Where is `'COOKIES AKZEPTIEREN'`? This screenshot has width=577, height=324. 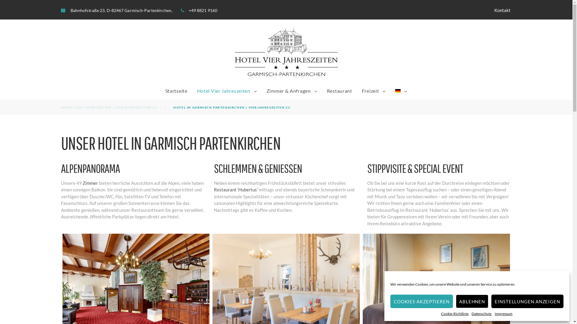 'COOKIES AKZEPTIEREN' is located at coordinates (421, 301).